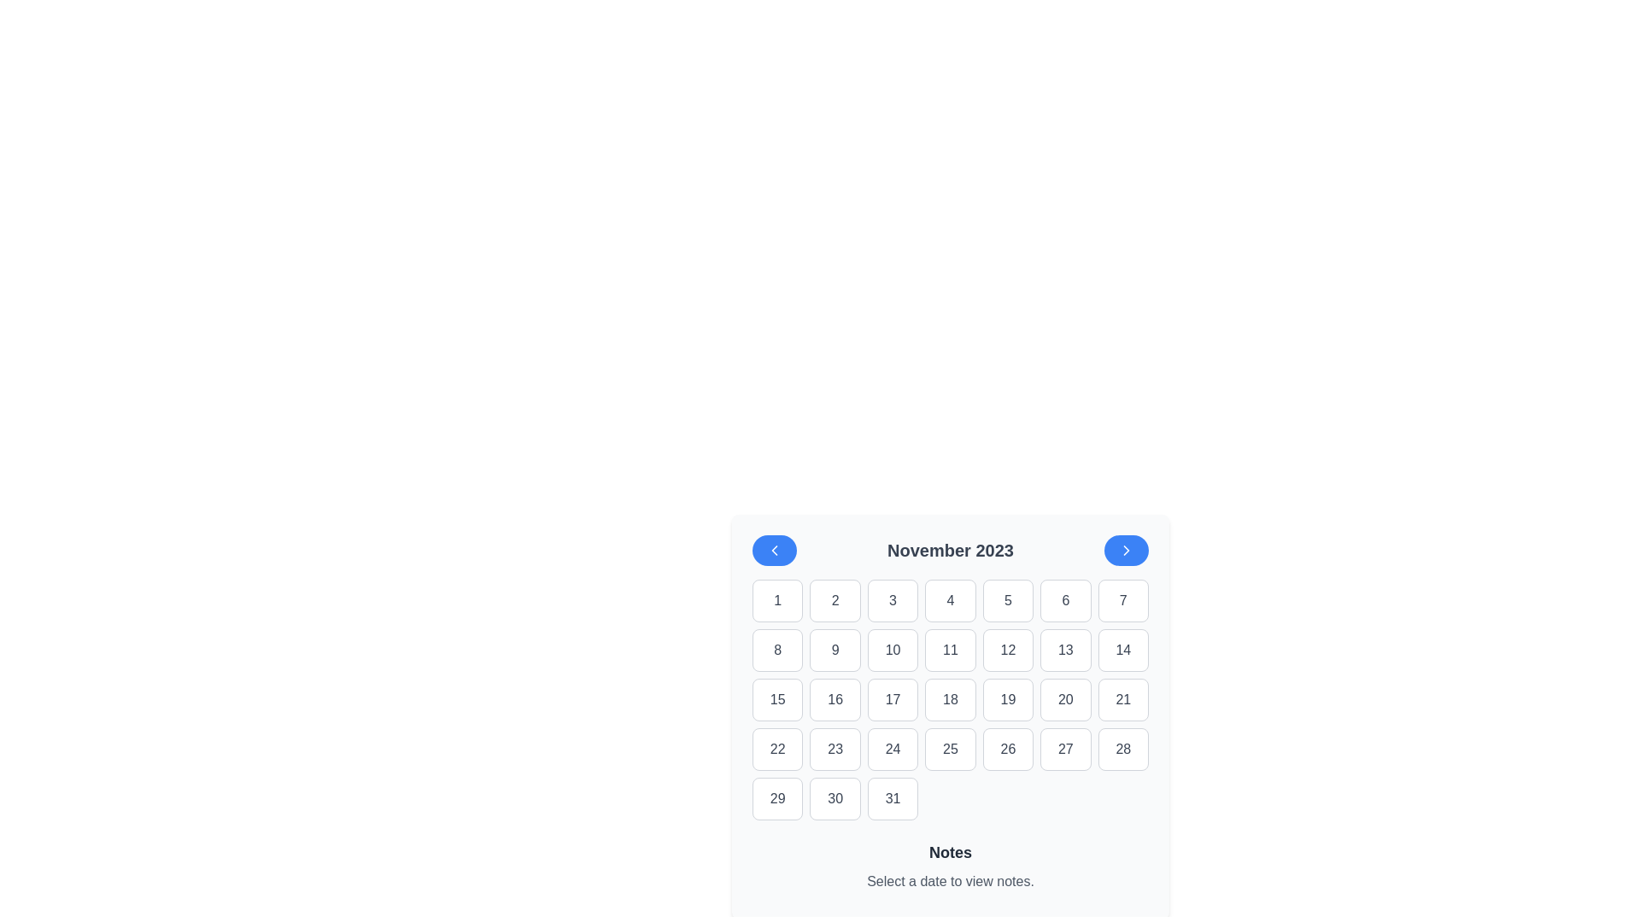 The image size is (1640, 922). What do you see at coordinates (950, 651) in the screenshot?
I see `the calendar button representing a specific day in the second row and fourth column` at bounding box center [950, 651].